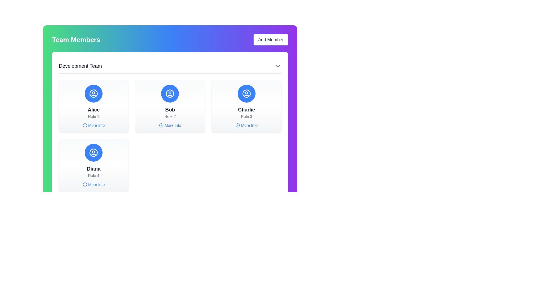 This screenshot has width=535, height=301. I want to click on the 'More Info' text link within the 'Charlie' user card, so click(246, 125).